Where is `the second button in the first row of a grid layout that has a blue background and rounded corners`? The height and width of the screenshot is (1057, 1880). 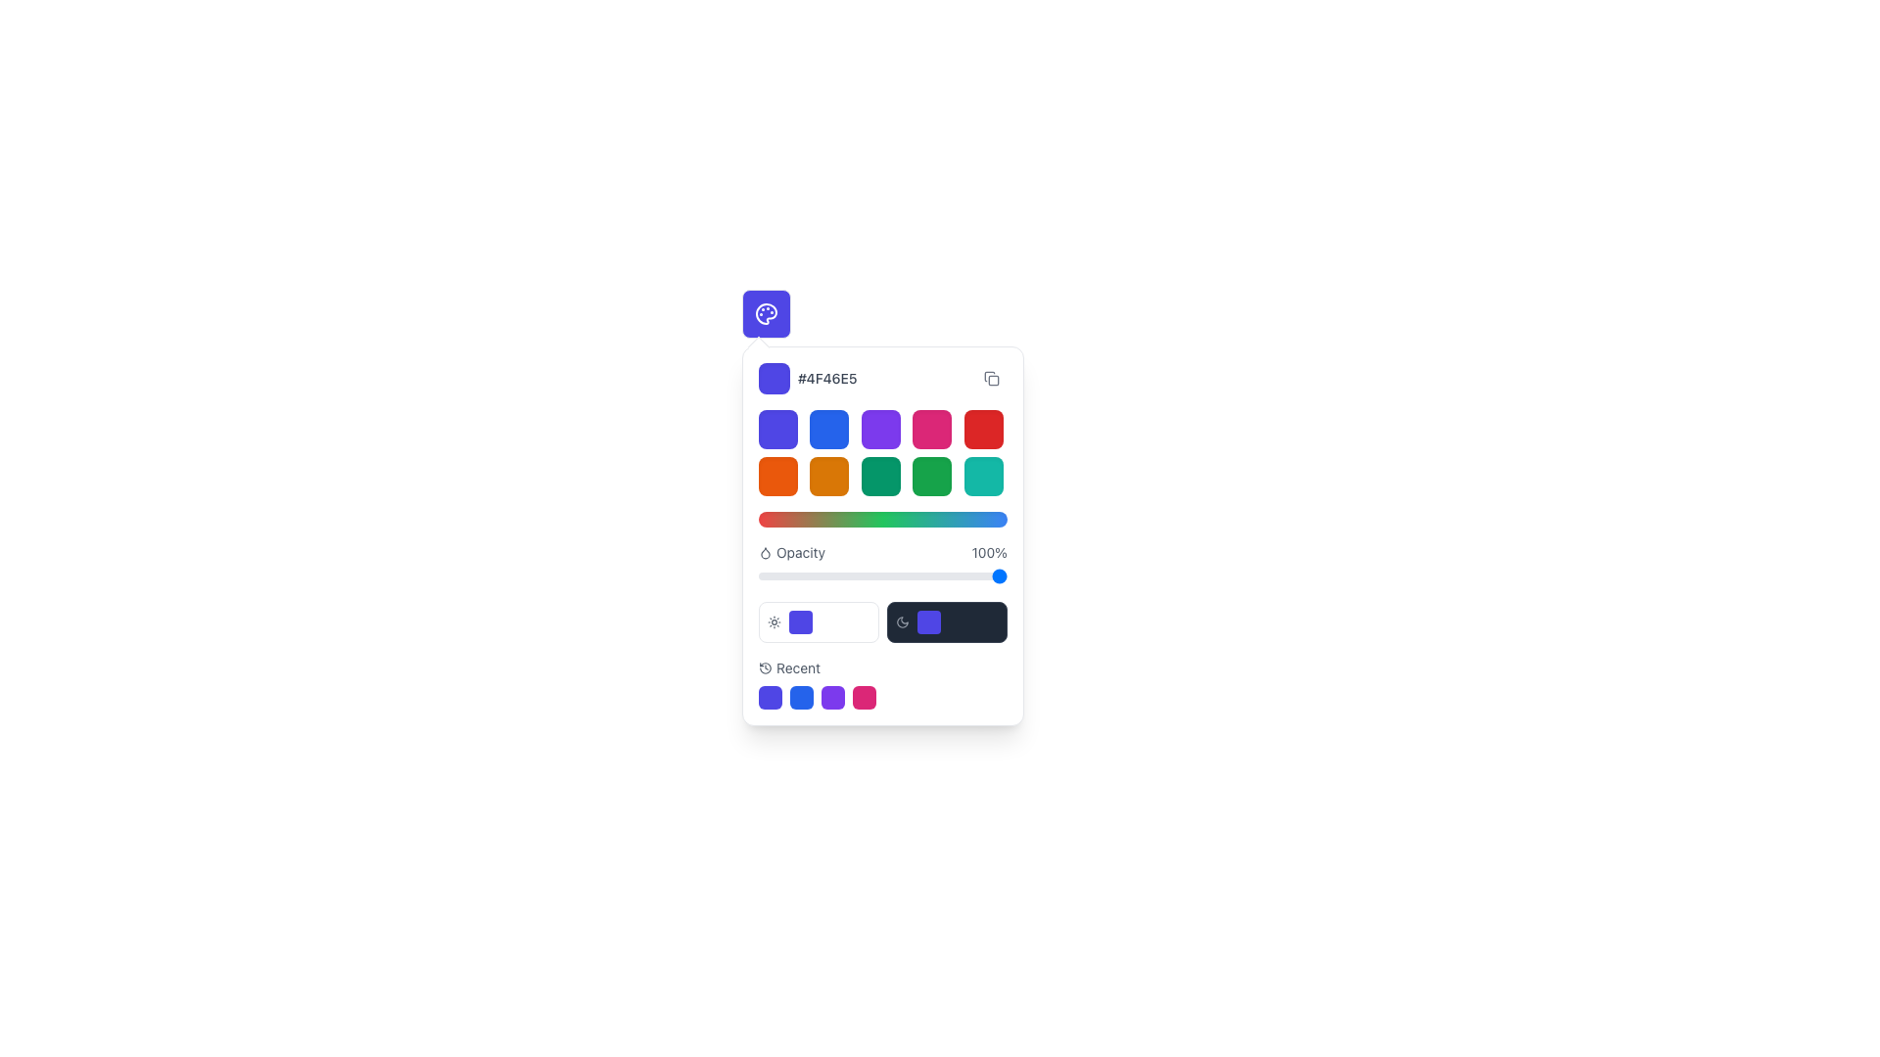 the second button in the first row of a grid layout that has a blue background and rounded corners is located at coordinates (829, 429).